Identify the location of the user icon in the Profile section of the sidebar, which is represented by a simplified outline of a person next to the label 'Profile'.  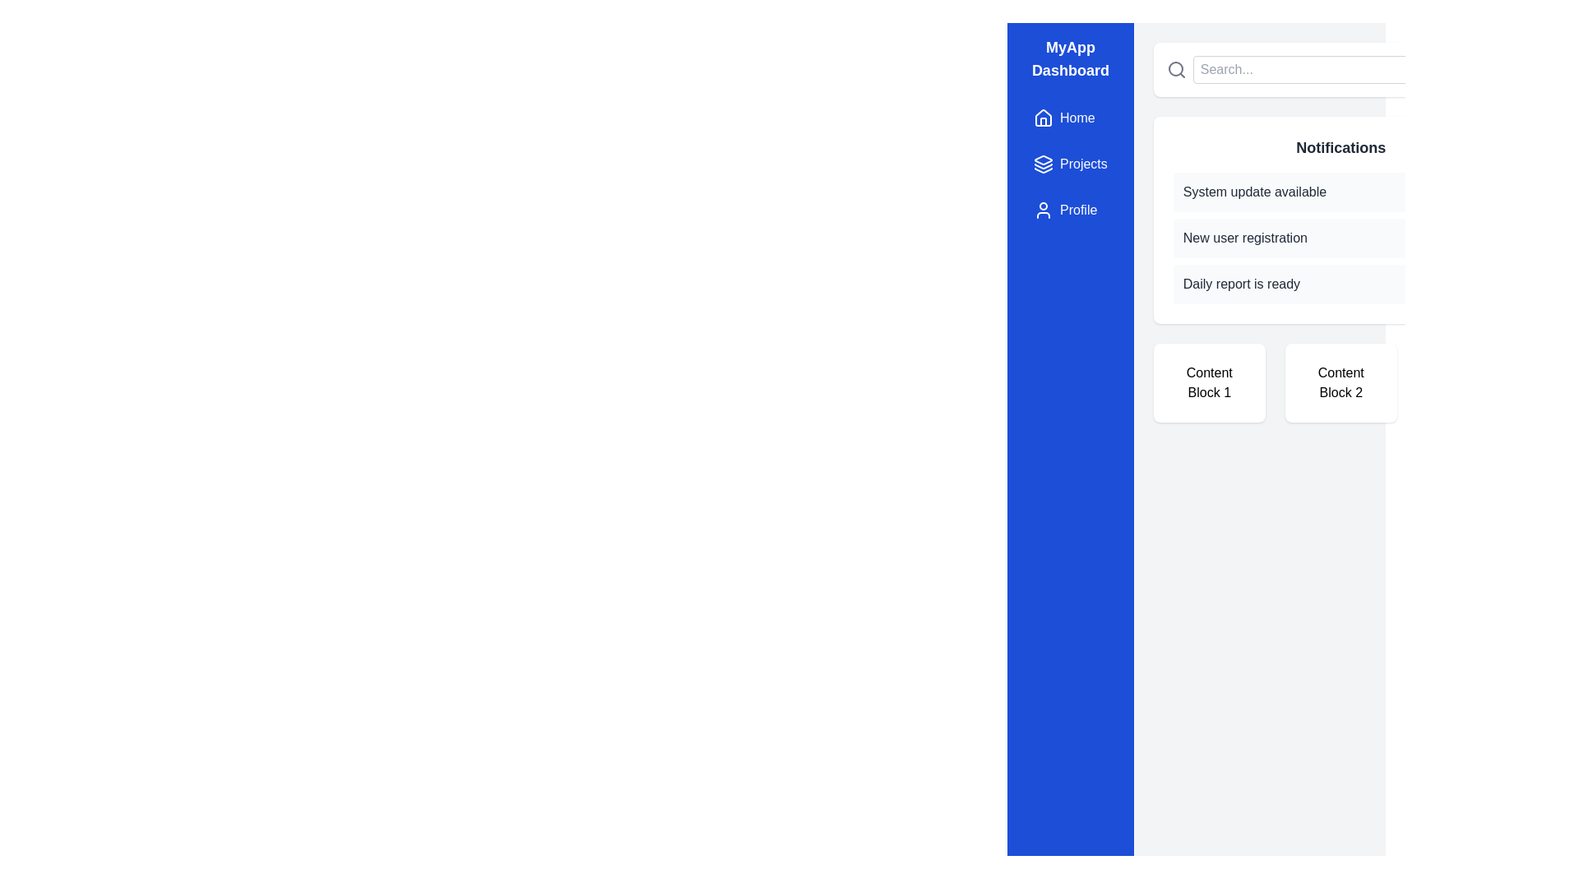
(1042, 209).